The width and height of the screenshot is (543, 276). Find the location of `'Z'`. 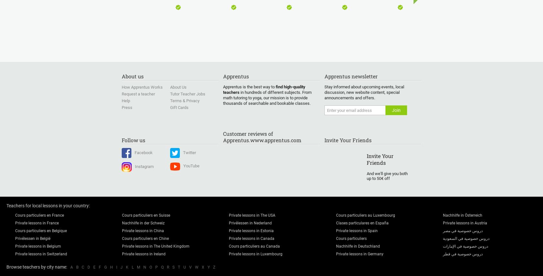

'Z' is located at coordinates (214, 267).